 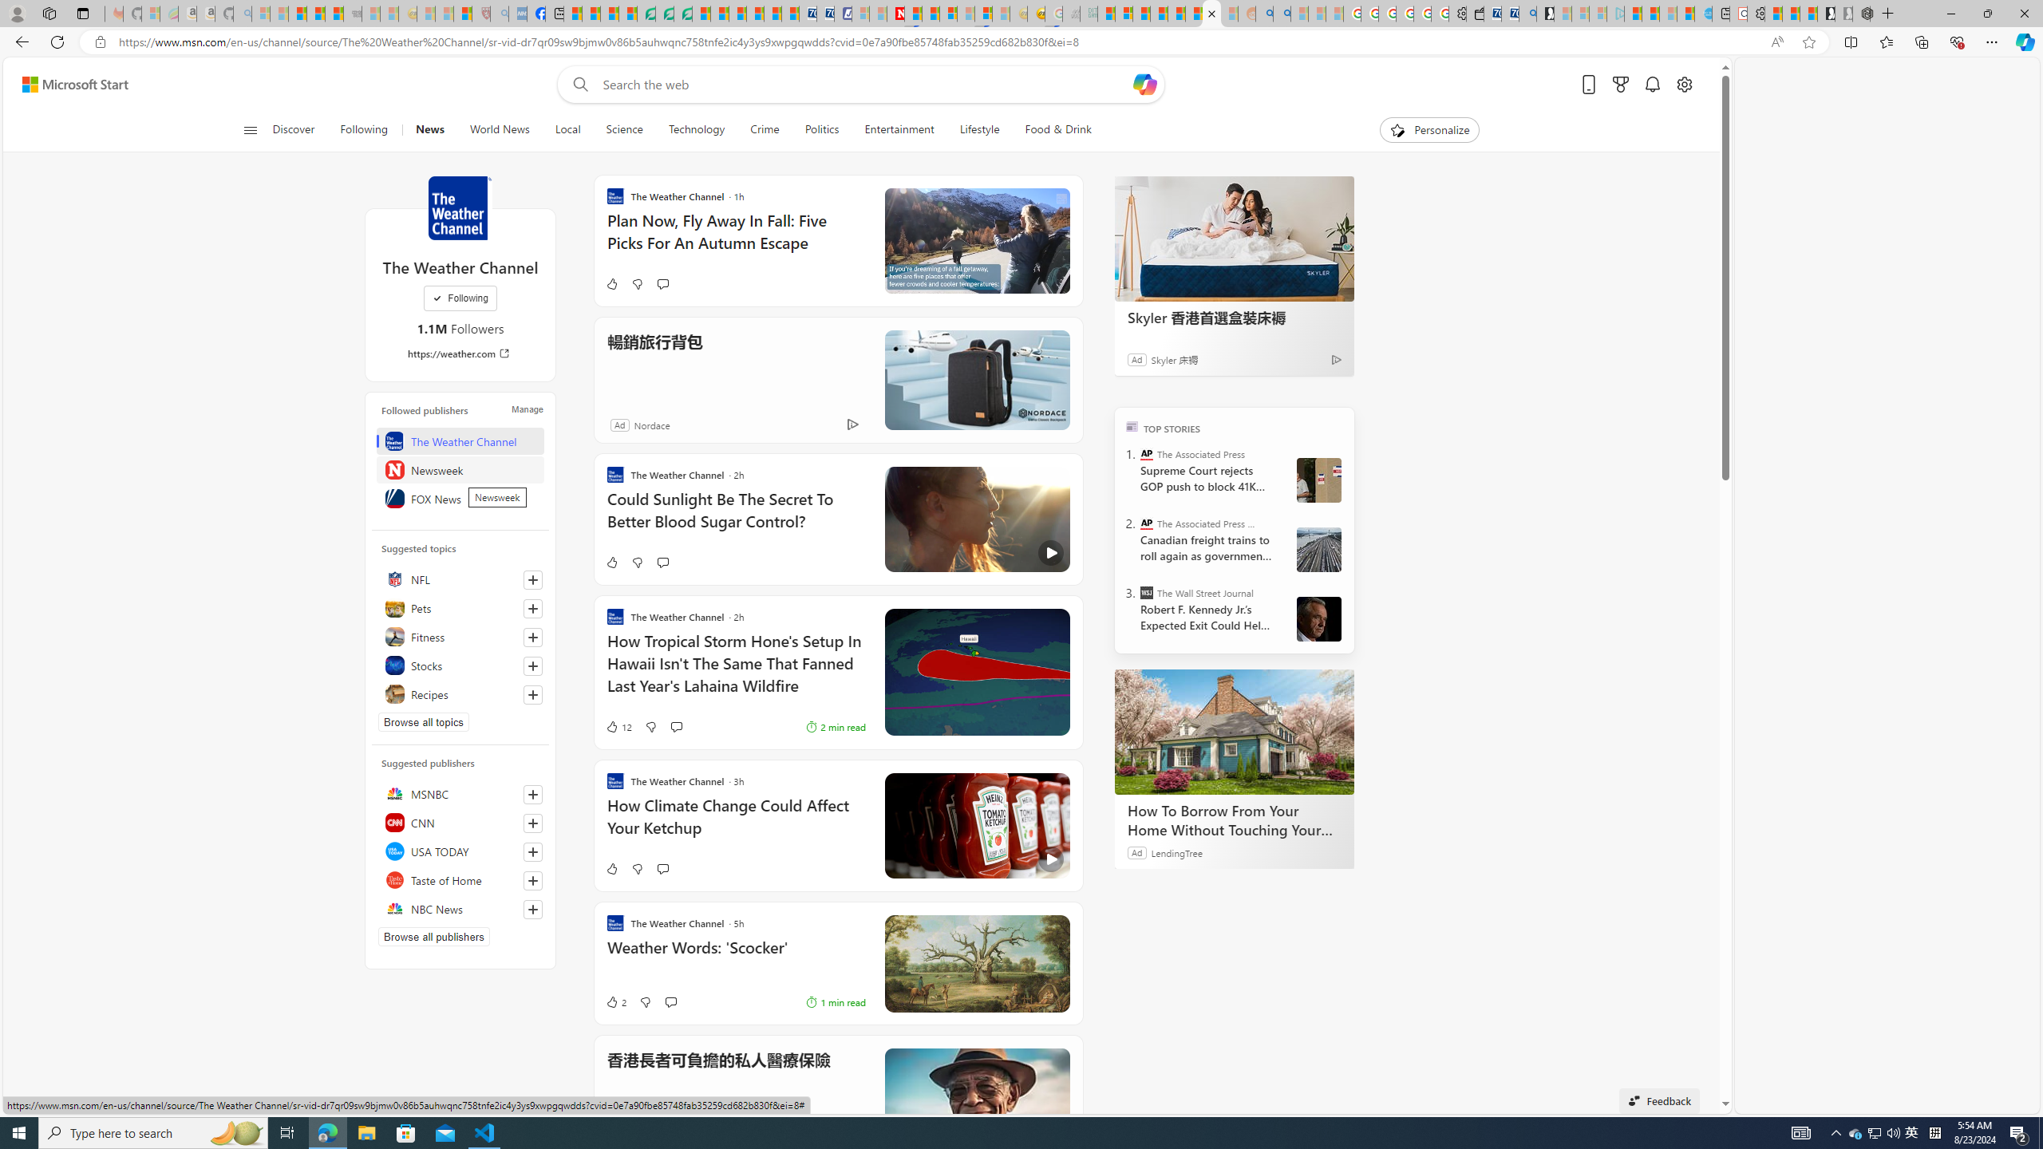 What do you see at coordinates (735, 517) in the screenshot?
I see `'Could Sunlight Be The Secret To Better Blood Sugar Control?'` at bounding box center [735, 517].